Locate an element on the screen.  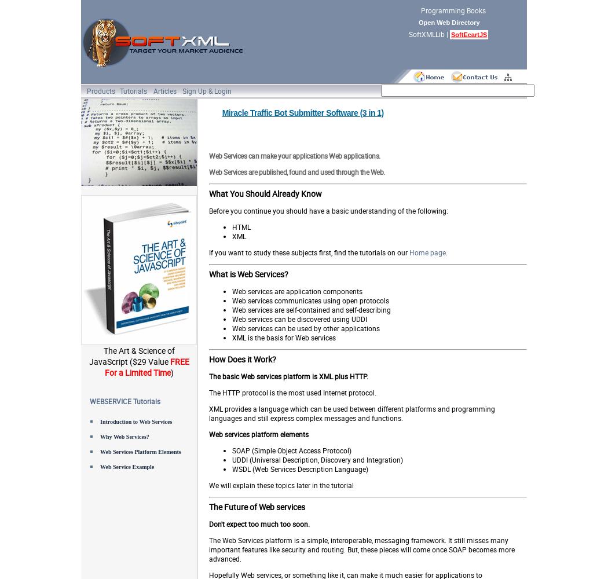
'What You Should Already Know' is located at coordinates (208, 193).